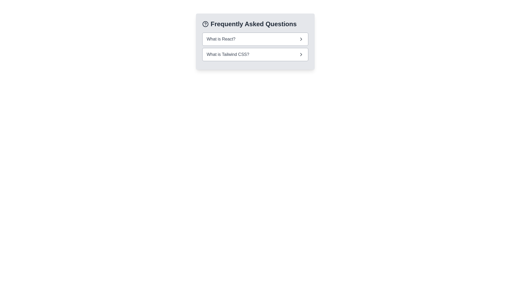 Image resolution: width=509 pixels, height=286 pixels. Describe the element at coordinates (255, 54) in the screenshot. I see `the second clickable FAQ item about 'Tailwind CSS'` at that location.